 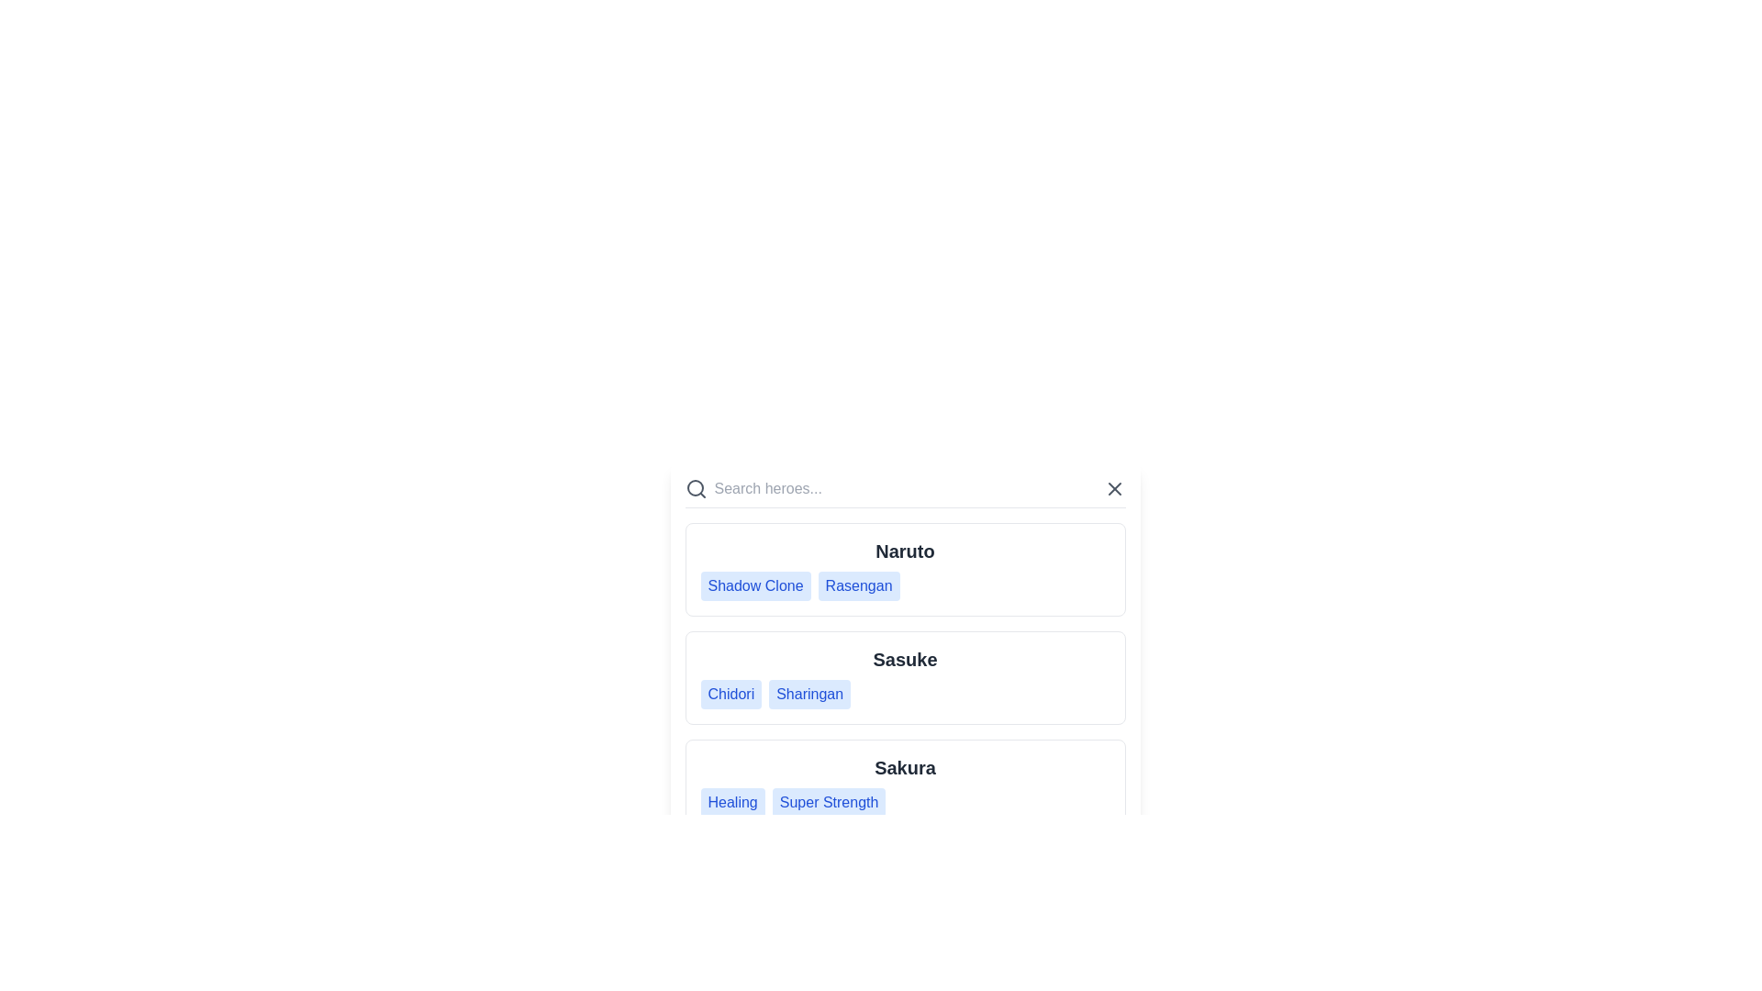 What do you see at coordinates (809, 694) in the screenshot?
I see `label 'Sharingan' from the rectangular badge with rounded corners, styled with a light blue background and blue text, located in the 'Sasuke' section of the interface` at bounding box center [809, 694].